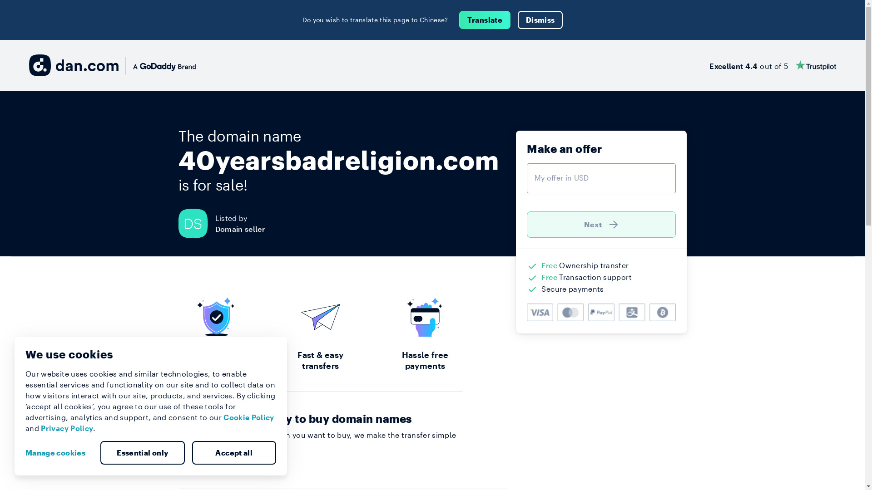 This screenshot has width=872, height=490. What do you see at coordinates (601, 224) in the screenshot?
I see `'Next` at bounding box center [601, 224].